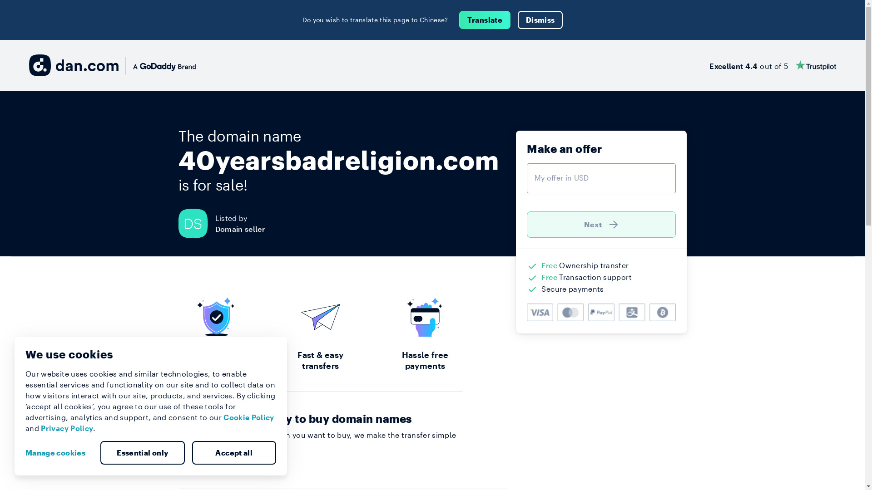 This screenshot has width=872, height=490. What do you see at coordinates (601, 224) in the screenshot?
I see `'Next` at bounding box center [601, 224].